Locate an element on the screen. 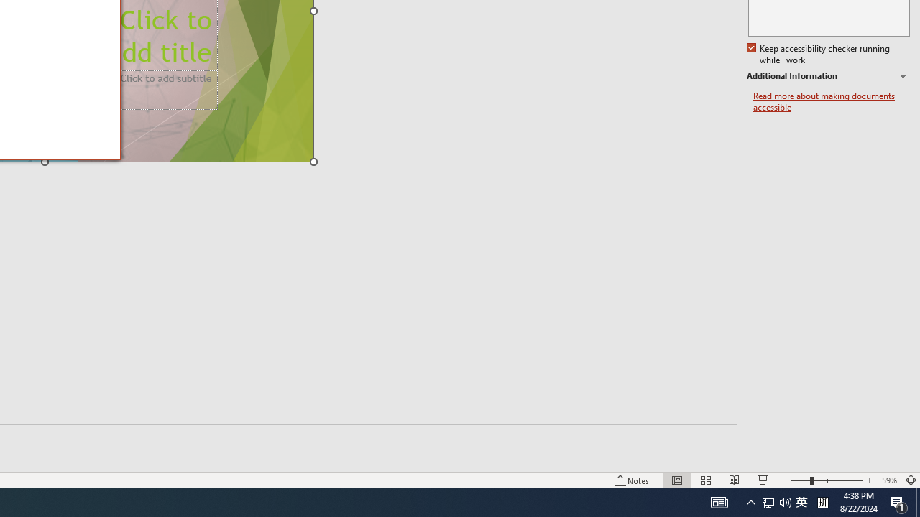 Image resolution: width=920 pixels, height=517 pixels. 'Keep accessibility checker running while I work' is located at coordinates (819, 54).